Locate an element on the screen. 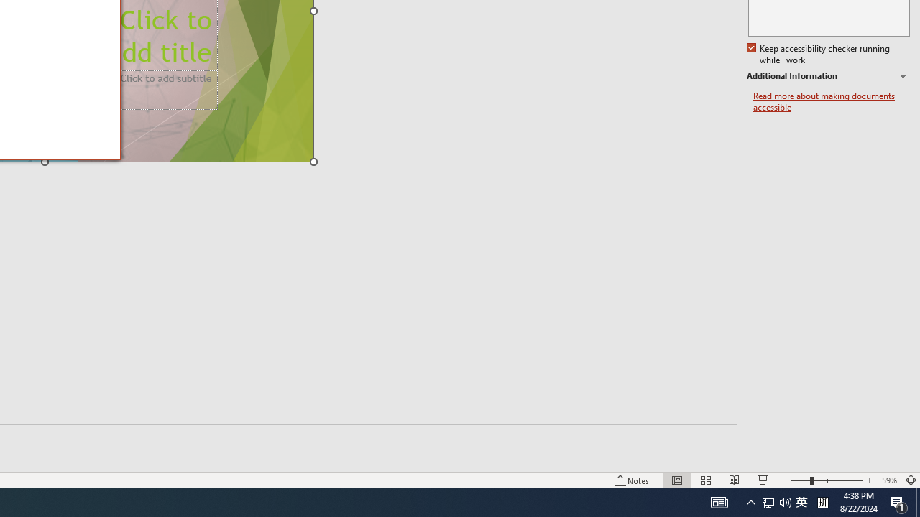 Image resolution: width=920 pixels, height=517 pixels. 'Keep accessibility checker running while I work' is located at coordinates (819, 54).